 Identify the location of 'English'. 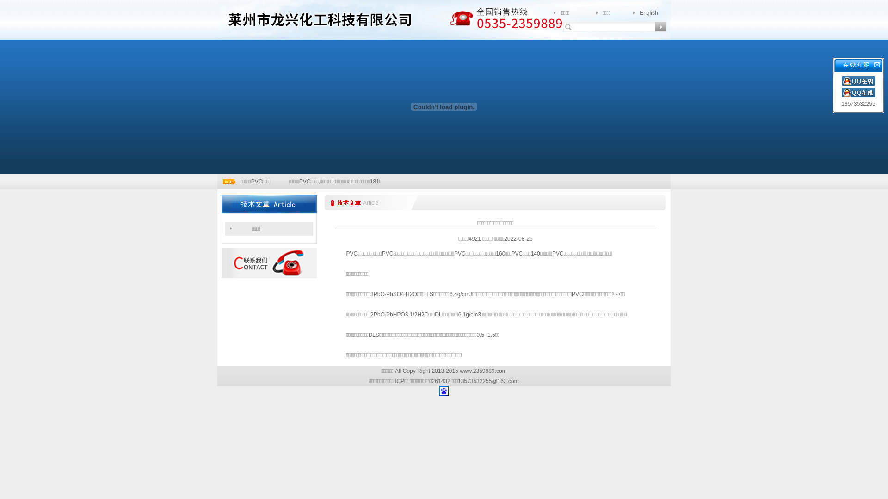
(648, 12).